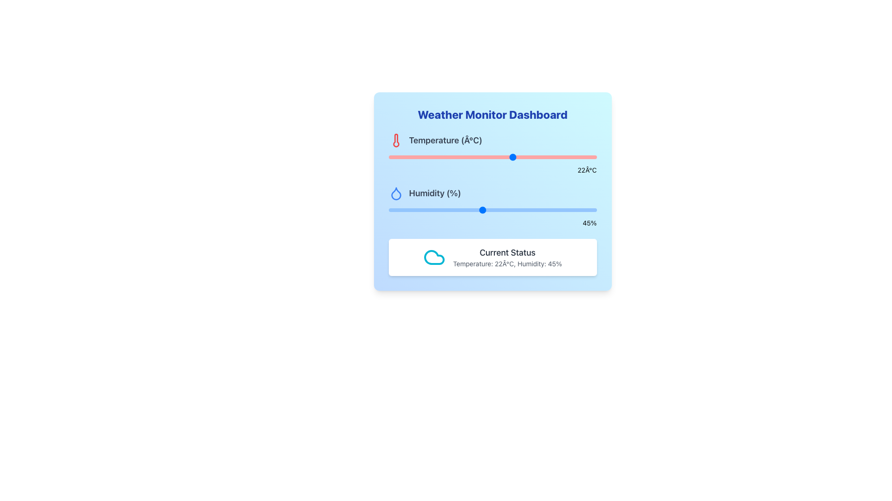 Image resolution: width=892 pixels, height=501 pixels. I want to click on the humidity slider, so click(440, 210).